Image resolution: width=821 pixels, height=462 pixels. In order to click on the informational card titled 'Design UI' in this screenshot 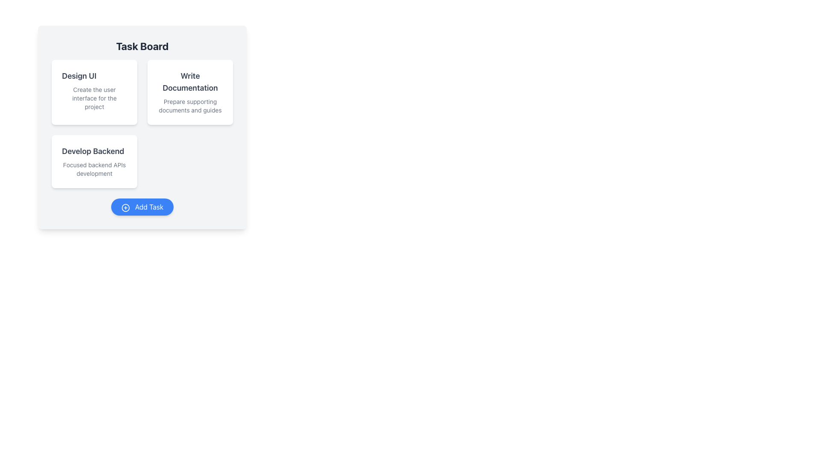, I will do `click(94, 92)`.